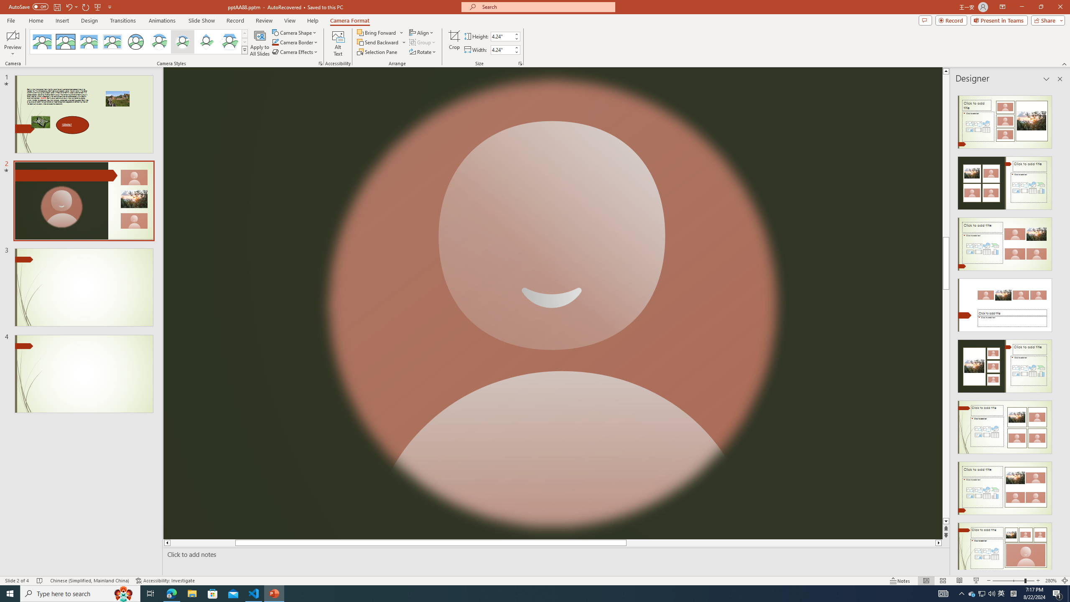  Describe the element at coordinates (10, 20) in the screenshot. I see `'File Tab'` at that location.